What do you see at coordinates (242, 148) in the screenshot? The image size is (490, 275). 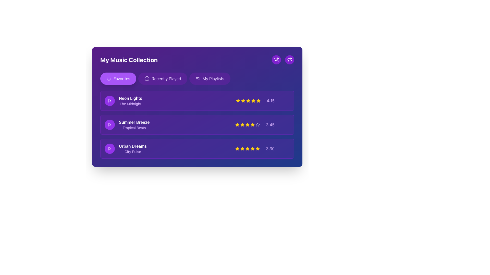 I see `the first rating star icon within the 'Urban Dreams' track card to invoke options related to this rating` at bounding box center [242, 148].